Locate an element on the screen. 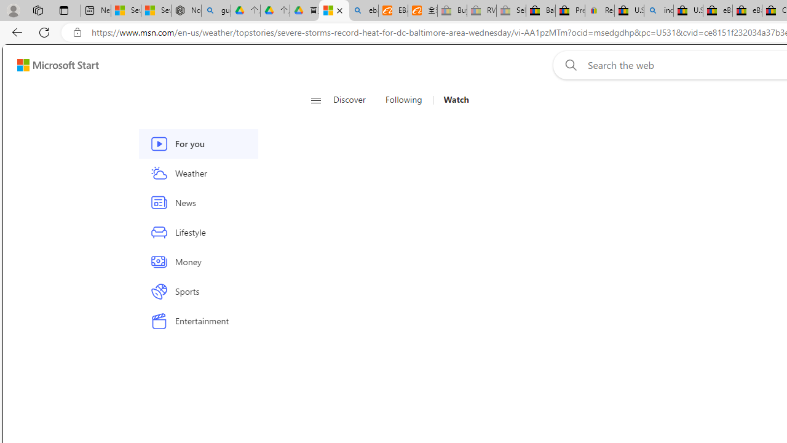  'Register: Create a personal eBay account' is located at coordinates (600, 10).